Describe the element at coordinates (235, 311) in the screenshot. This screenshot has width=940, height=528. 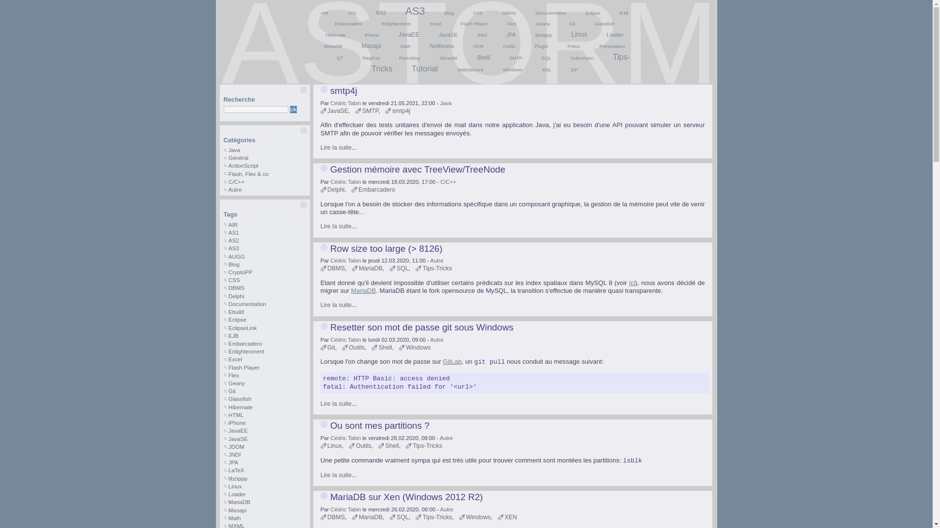
I see `'Ebuild'` at that location.